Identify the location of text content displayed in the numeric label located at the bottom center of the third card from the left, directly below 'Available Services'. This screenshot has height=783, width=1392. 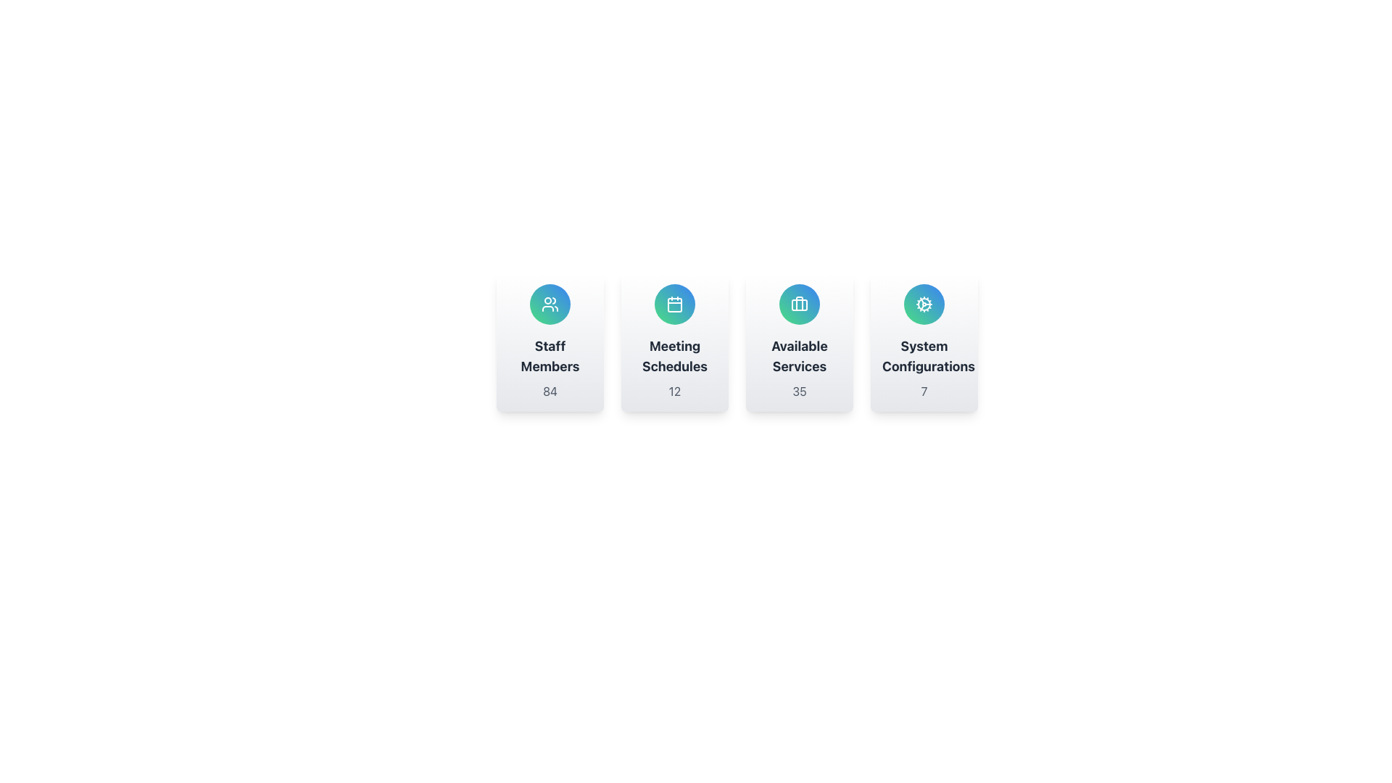
(799, 391).